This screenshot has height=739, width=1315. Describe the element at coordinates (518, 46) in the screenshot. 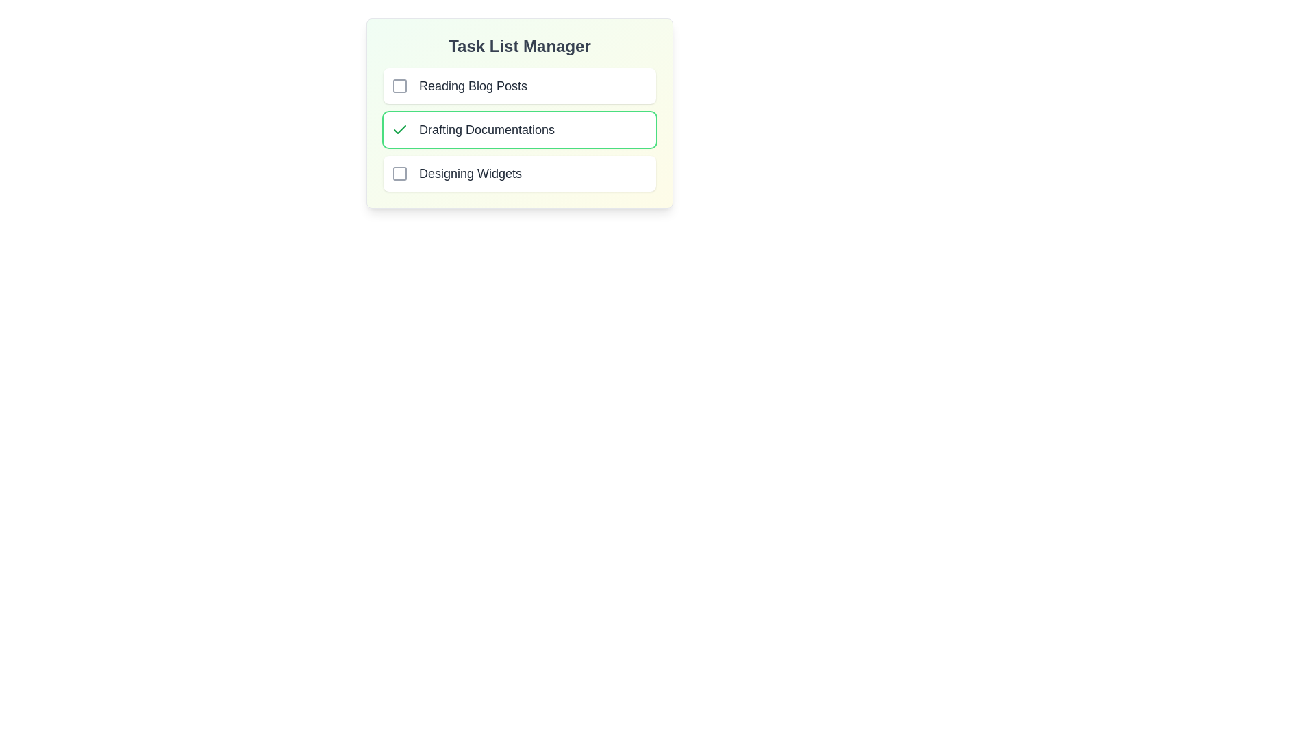

I see `the title of the component to focus attention` at that location.